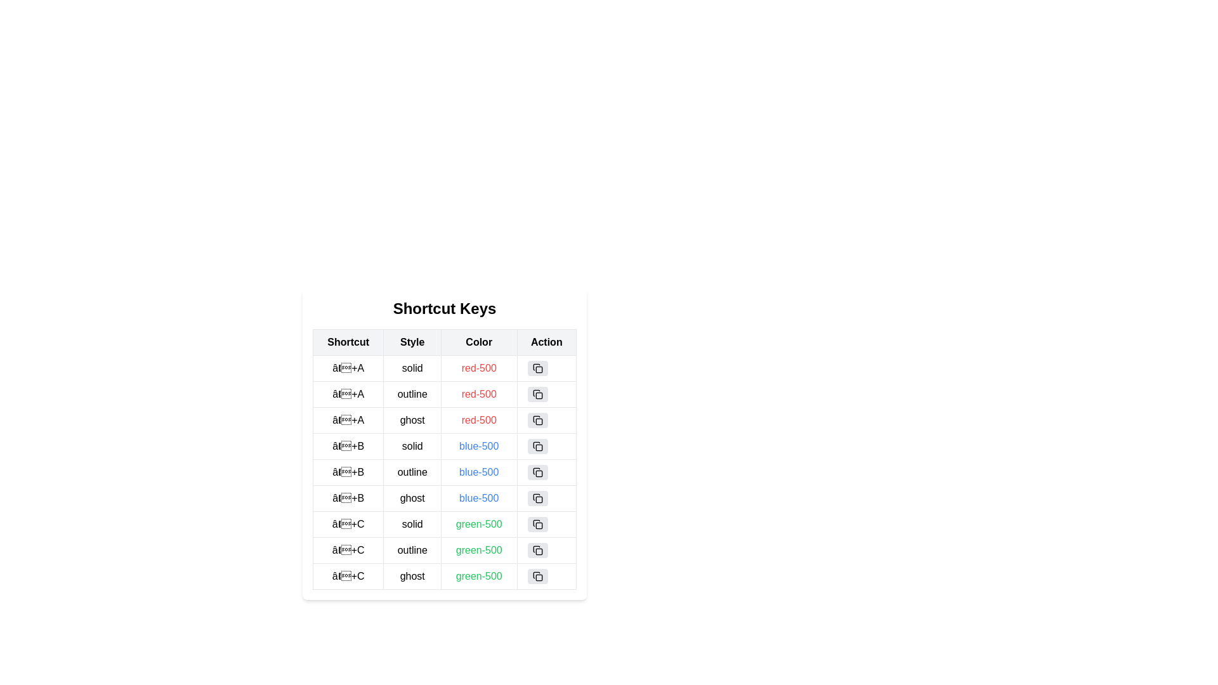  What do you see at coordinates (478, 524) in the screenshot?
I see `the text label representing the color reference 'green-500' in the shortcuts table for the 'solid' row with the shortcut '⌘+C'` at bounding box center [478, 524].